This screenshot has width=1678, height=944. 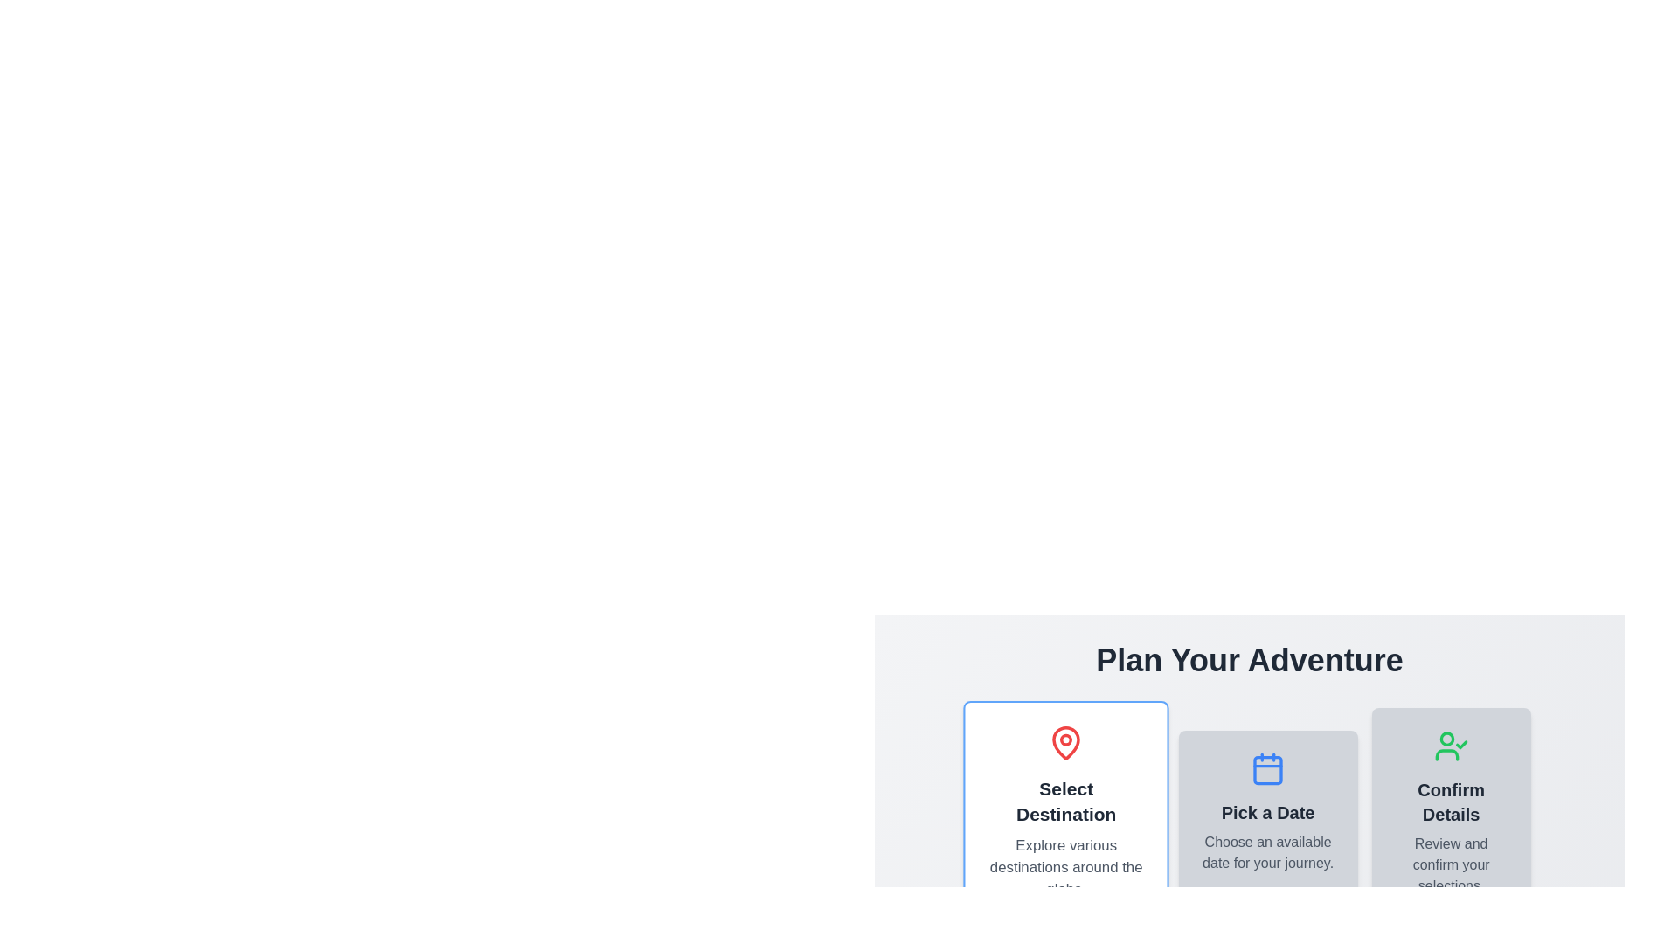 What do you see at coordinates (1268, 769) in the screenshot?
I see `the decorative element within the calendar icon, which has a soft blue outline and rounded corners, located in the middle of the three step icons` at bounding box center [1268, 769].